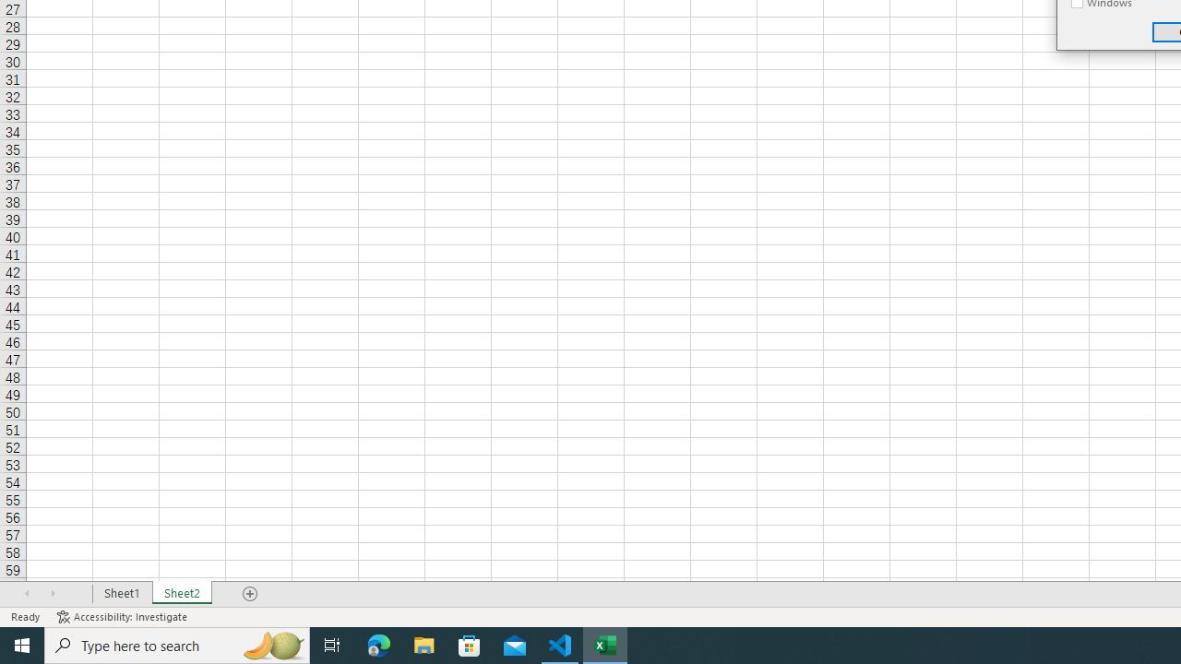 The height and width of the screenshot is (664, 1181). Describe the element at coordinates (22, 644) in the screenshot. I see `'Start'` at that location.